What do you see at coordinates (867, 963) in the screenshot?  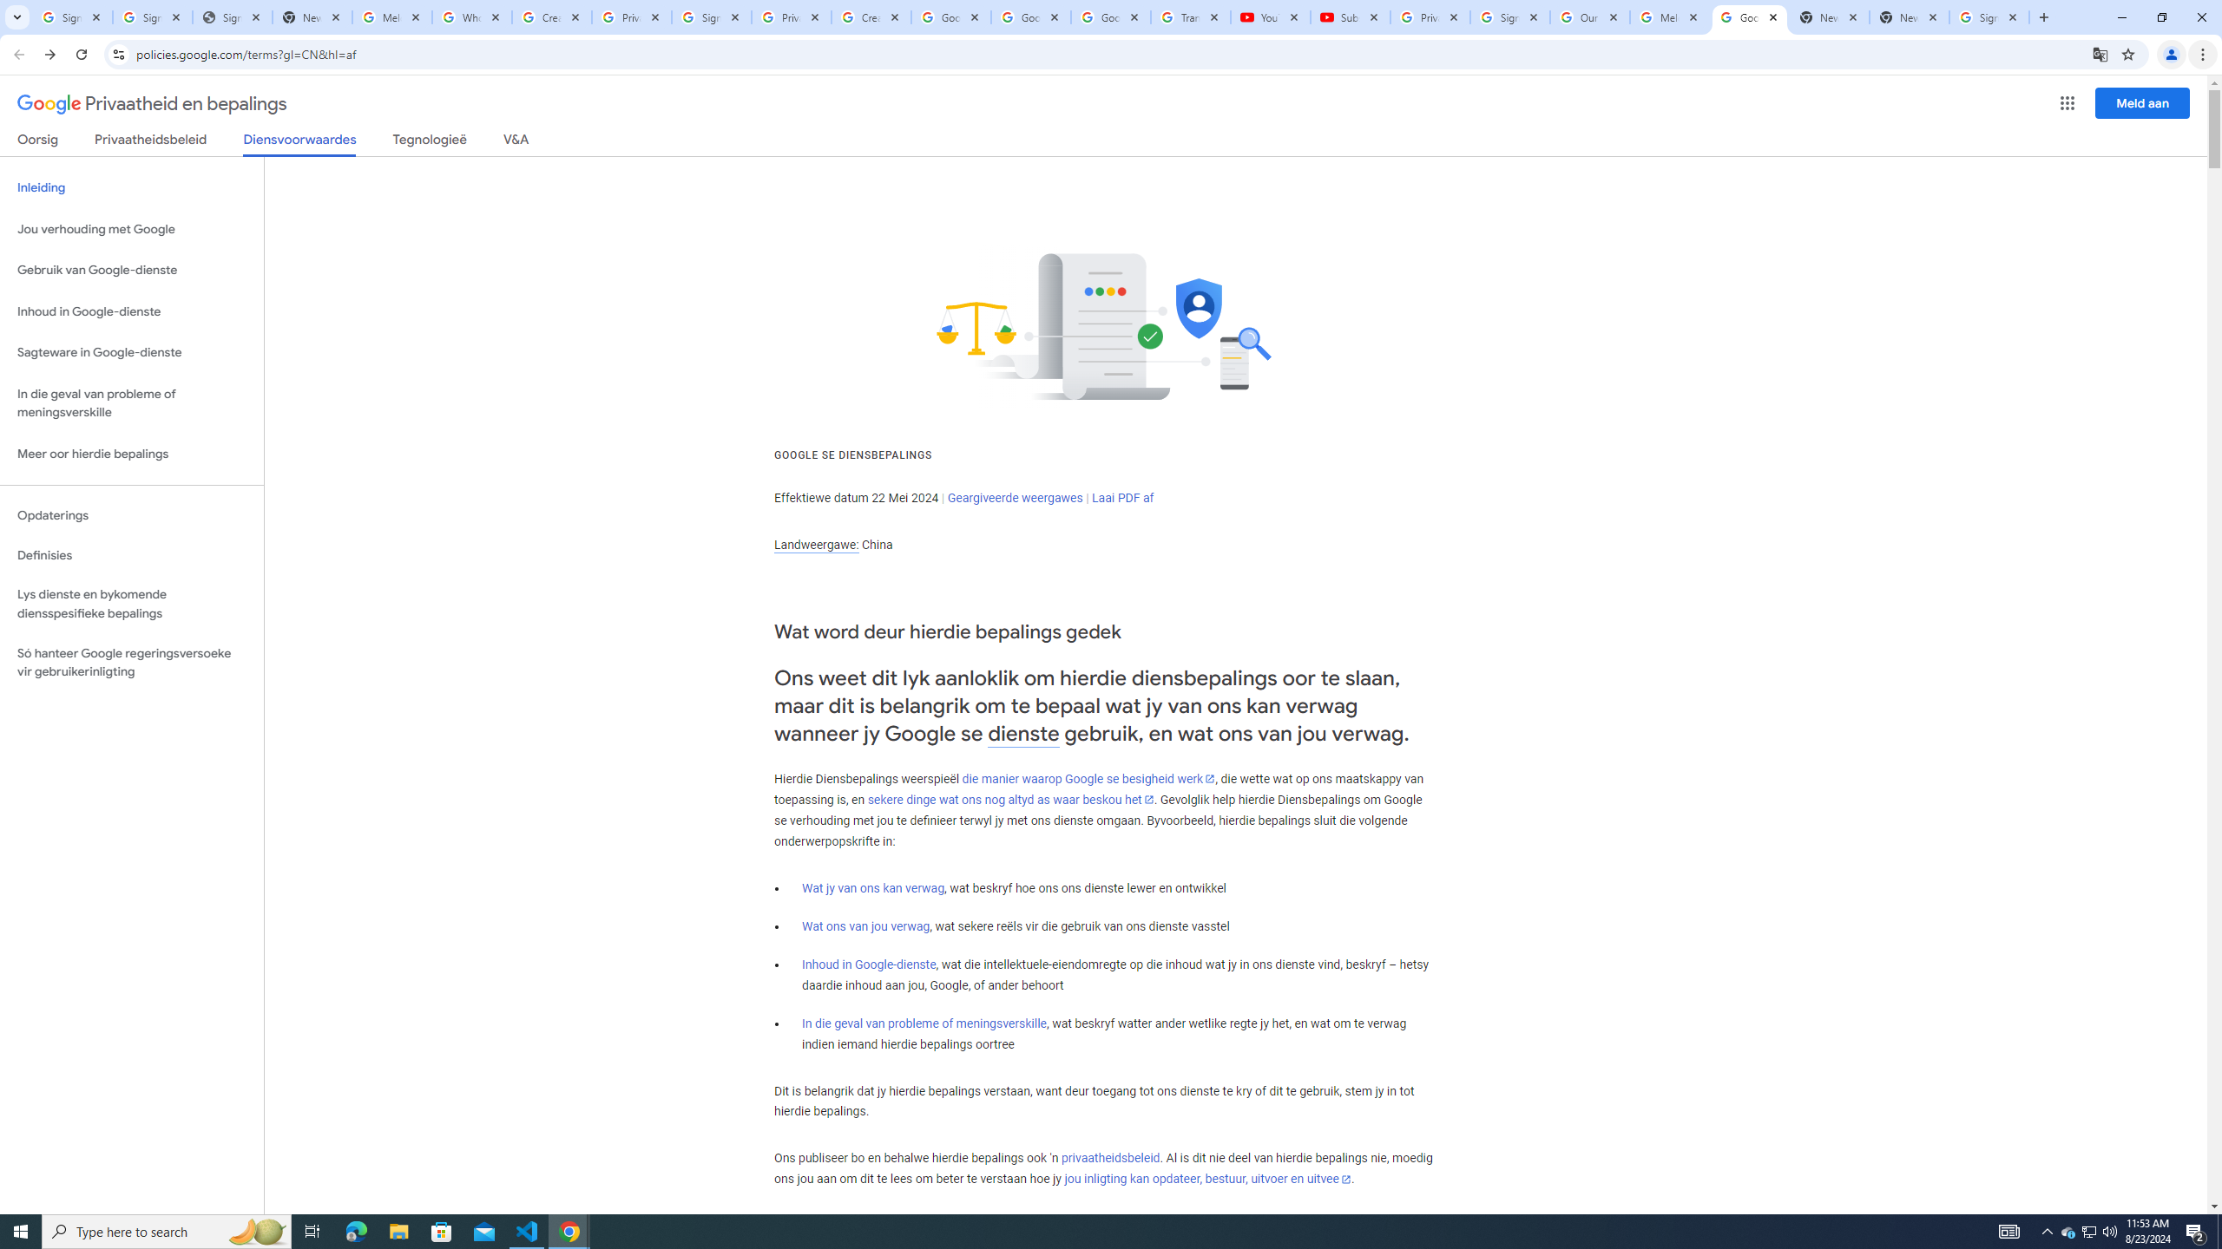 I see `'Inhoud in Google-dienste'` at bounding box center [867, 963].